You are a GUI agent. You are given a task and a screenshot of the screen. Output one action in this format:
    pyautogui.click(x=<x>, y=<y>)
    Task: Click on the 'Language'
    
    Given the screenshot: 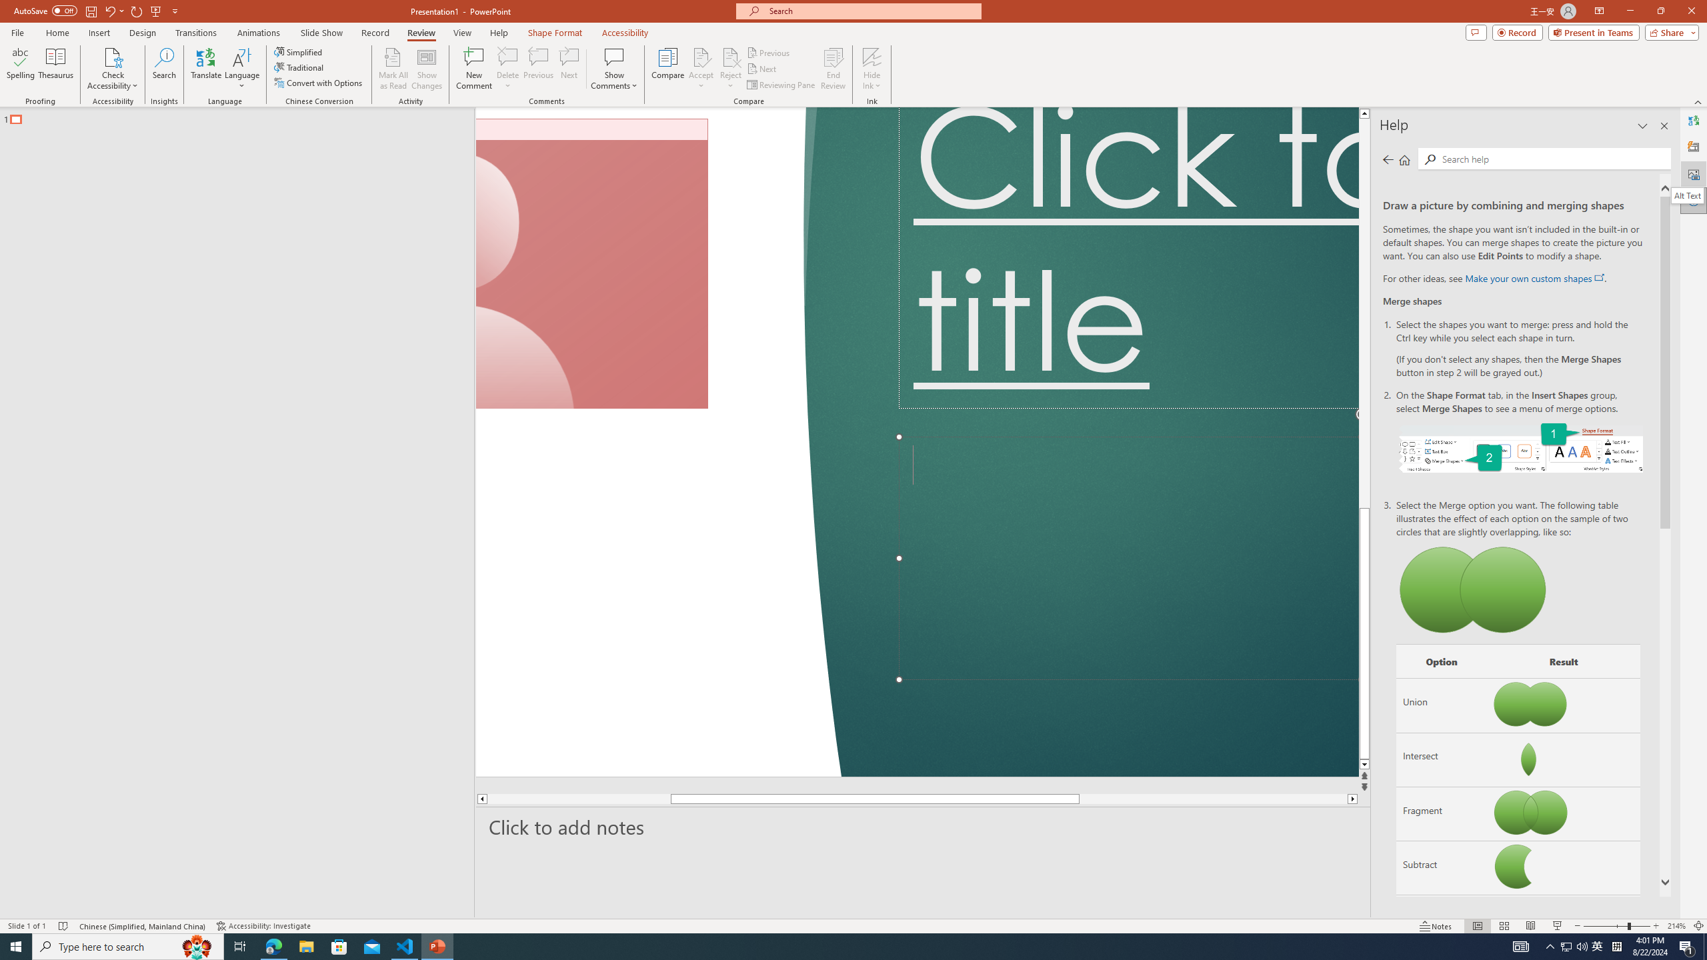 What is the action you would take?
    pyautogui.click(x=241, y=69)
    